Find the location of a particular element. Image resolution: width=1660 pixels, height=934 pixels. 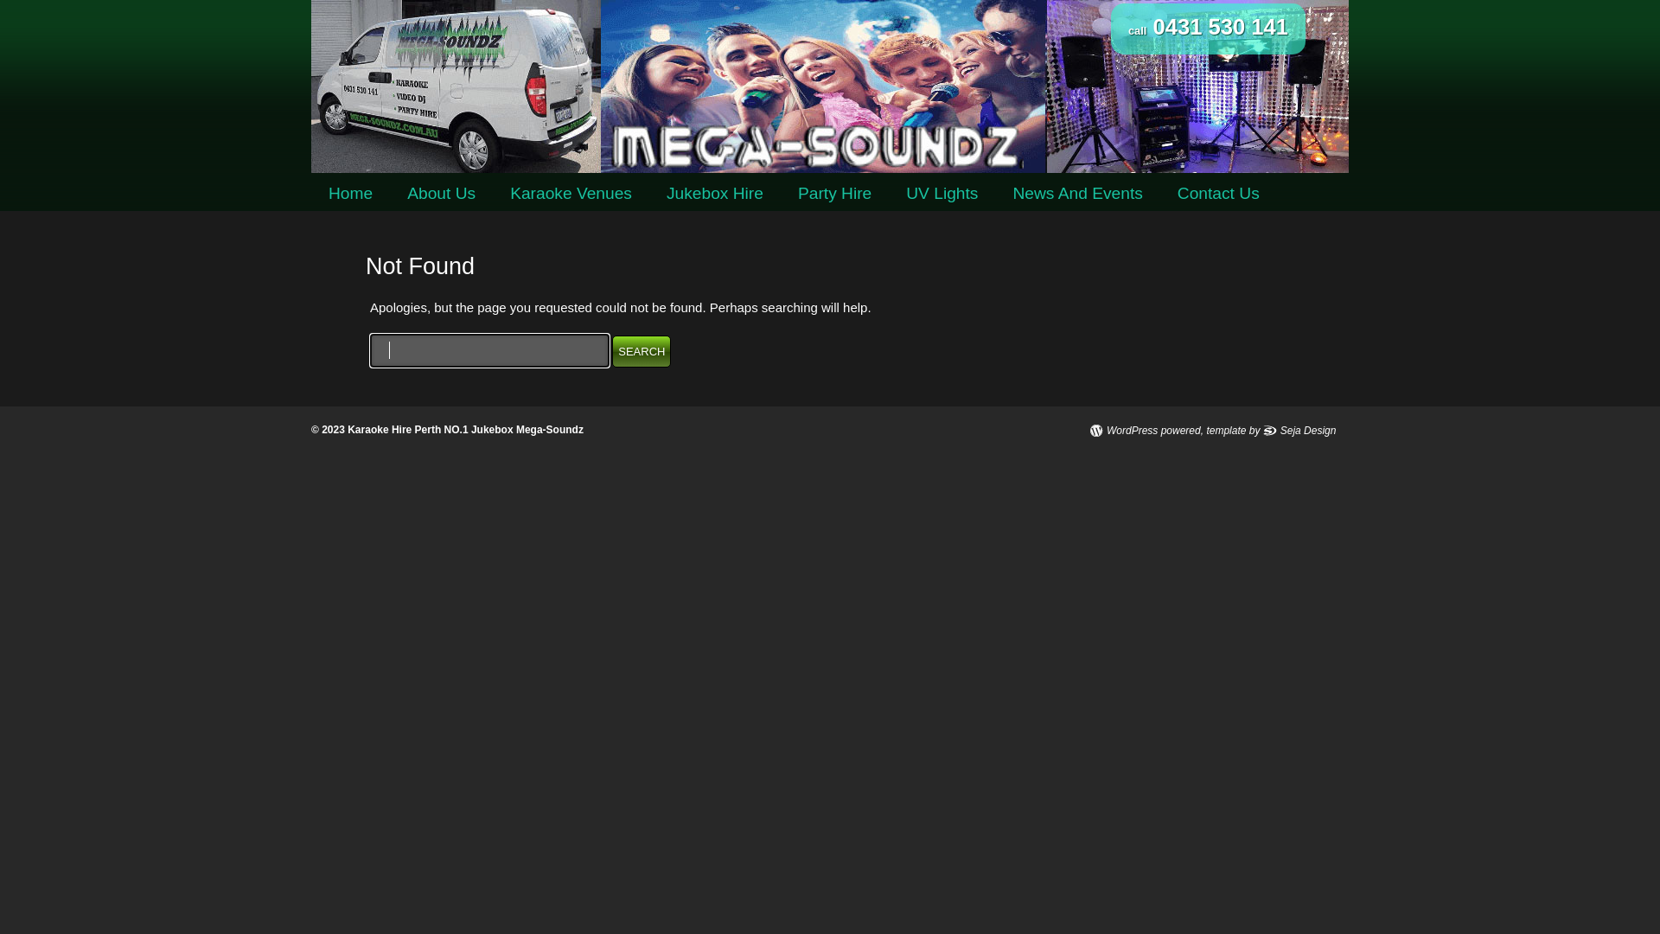

'Seja Design' is located at coordinates (1299, 429).